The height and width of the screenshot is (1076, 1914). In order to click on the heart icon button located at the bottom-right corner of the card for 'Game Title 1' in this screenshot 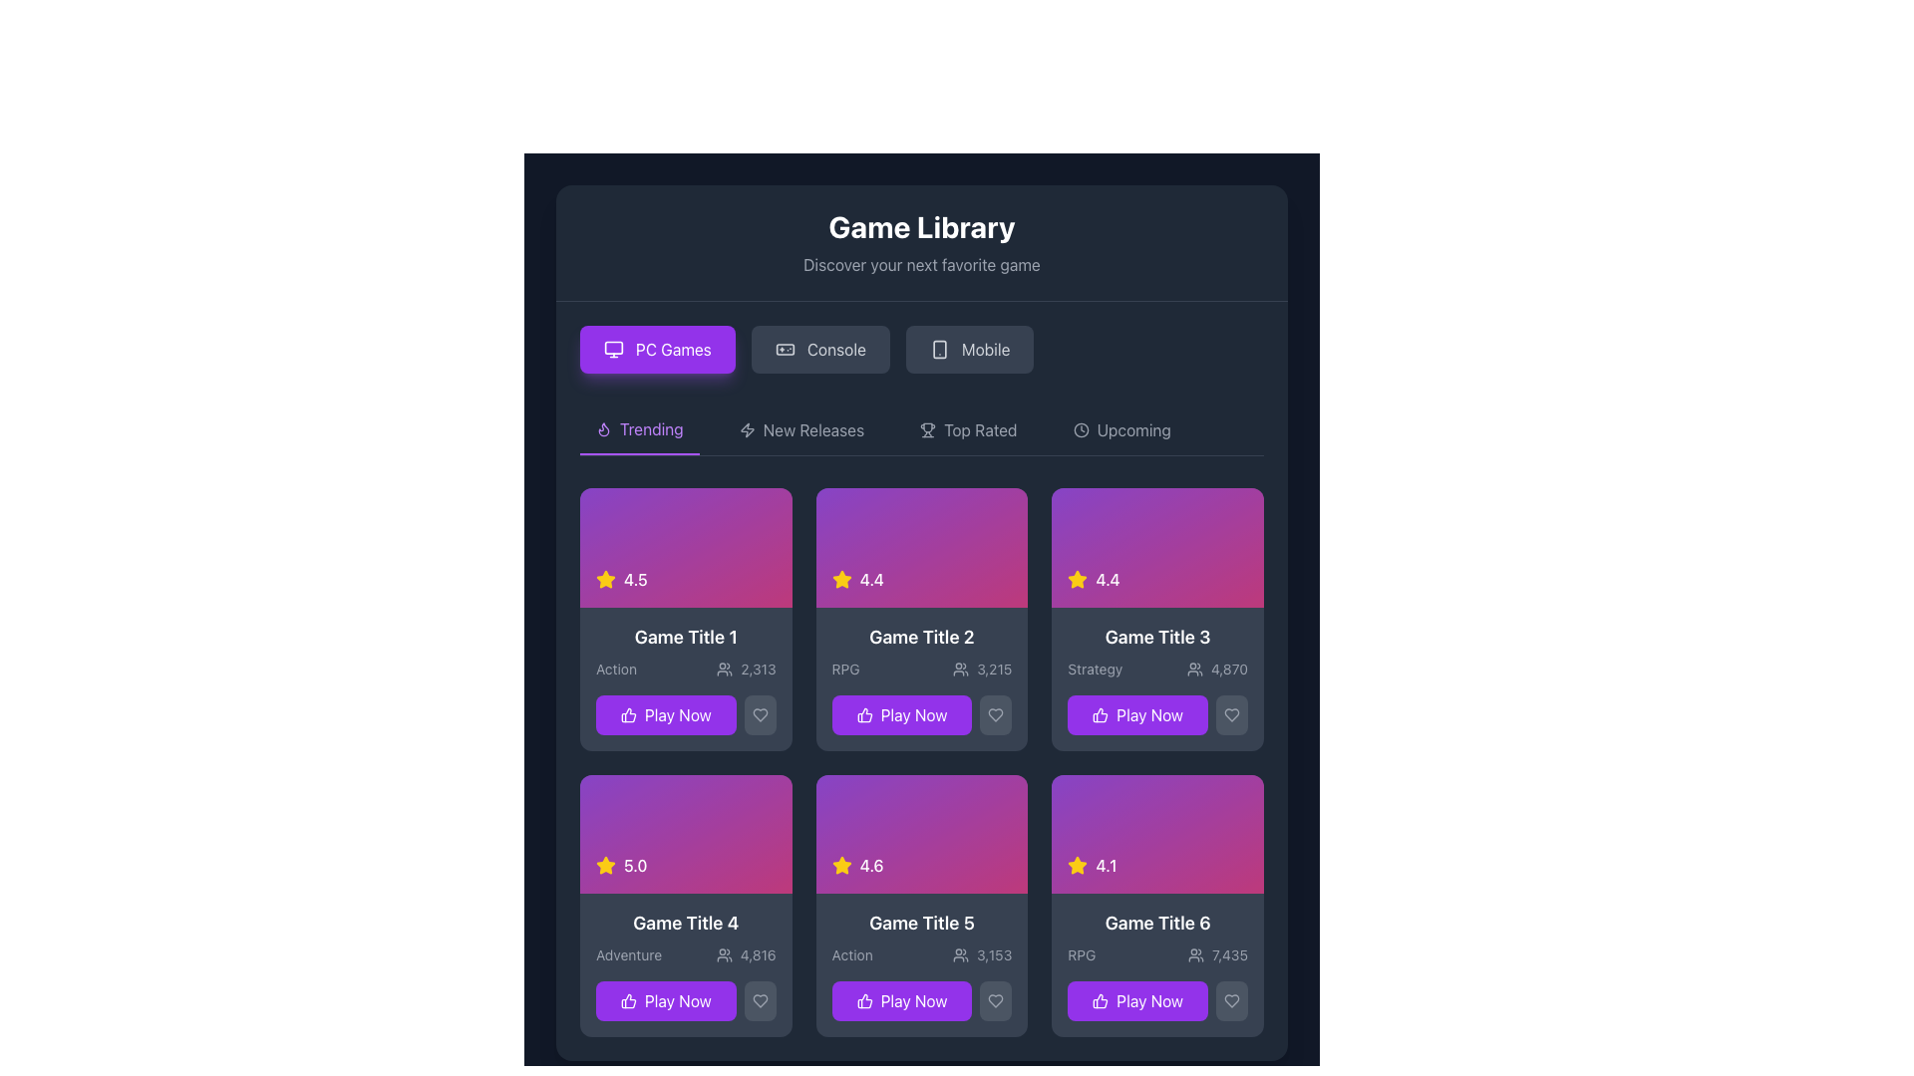, I will do `click(759, 713)`.